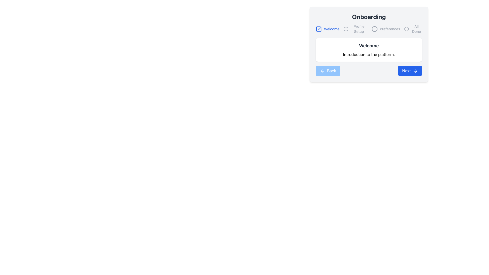  What do you see at coordinates (413, 29) in the screenshot?
I see `the 'All Done' icon with text, which is the fourth element in a horizontal navigation bar, indicated by a gray circular outline and the text 'All Done'` at bounding box center [413, 29].